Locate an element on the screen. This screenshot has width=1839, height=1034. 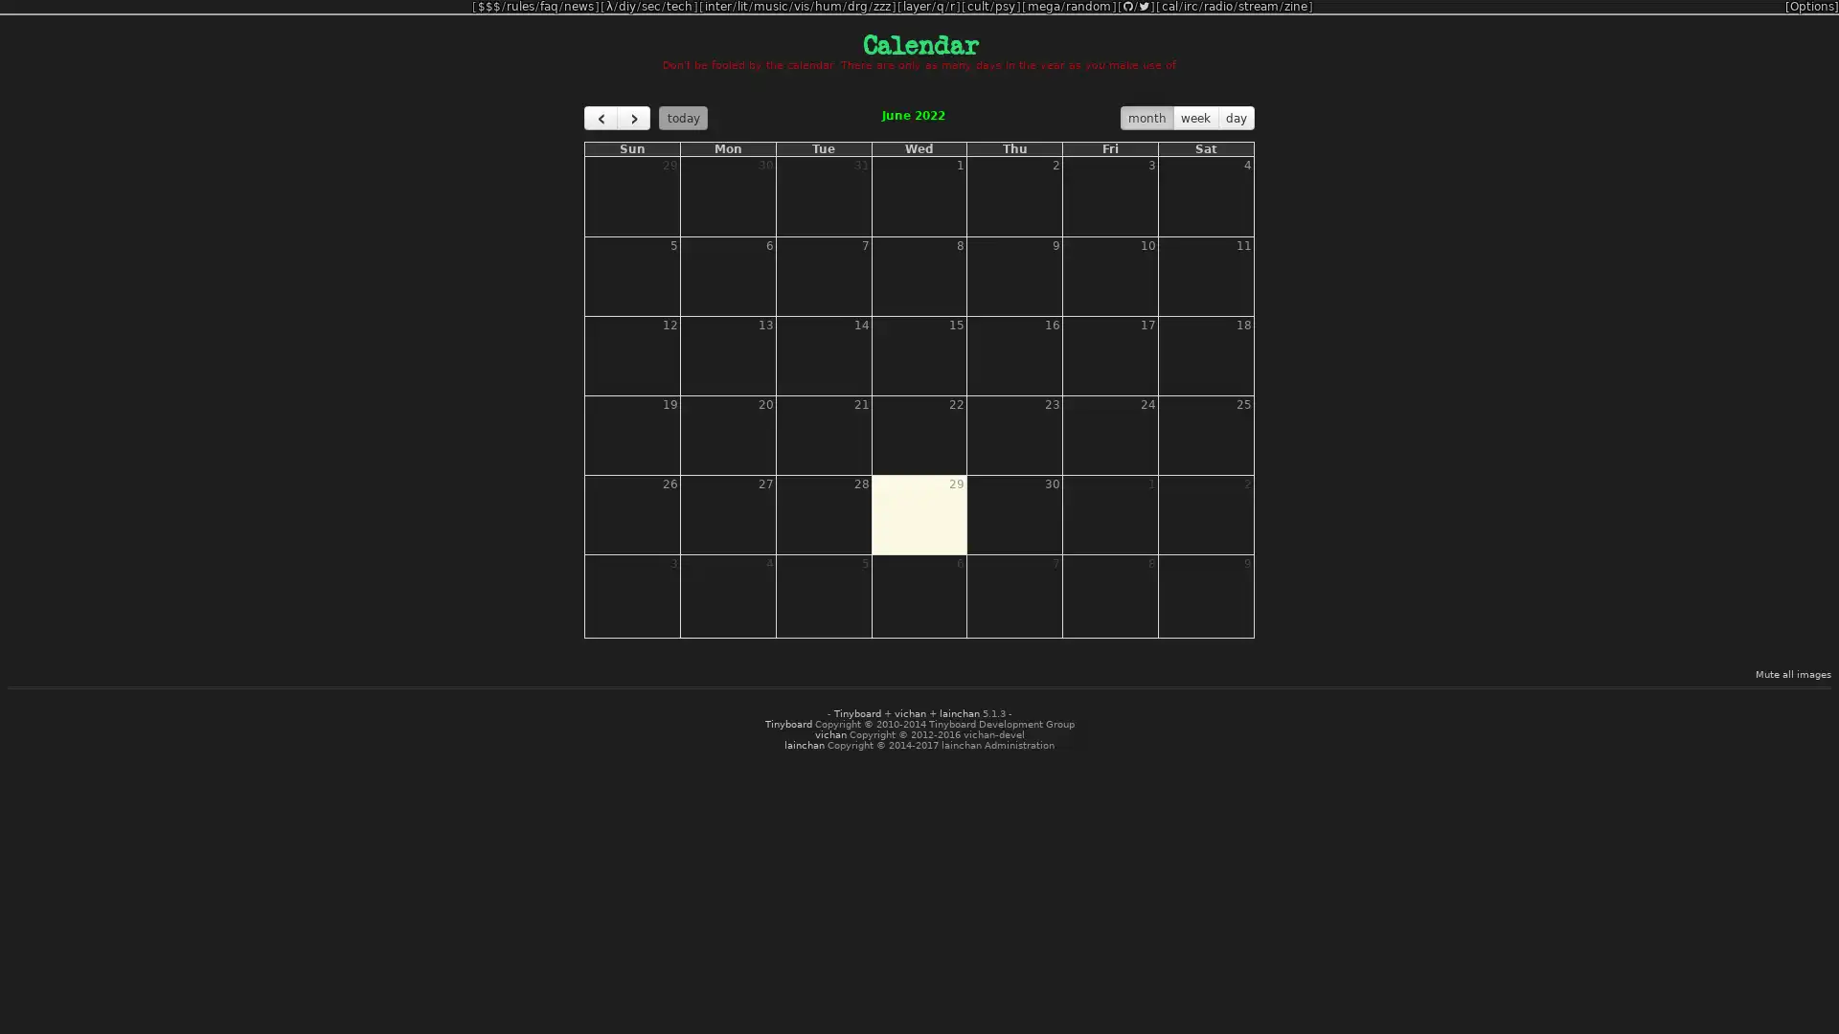
month is located at coordinates (1147, 118).